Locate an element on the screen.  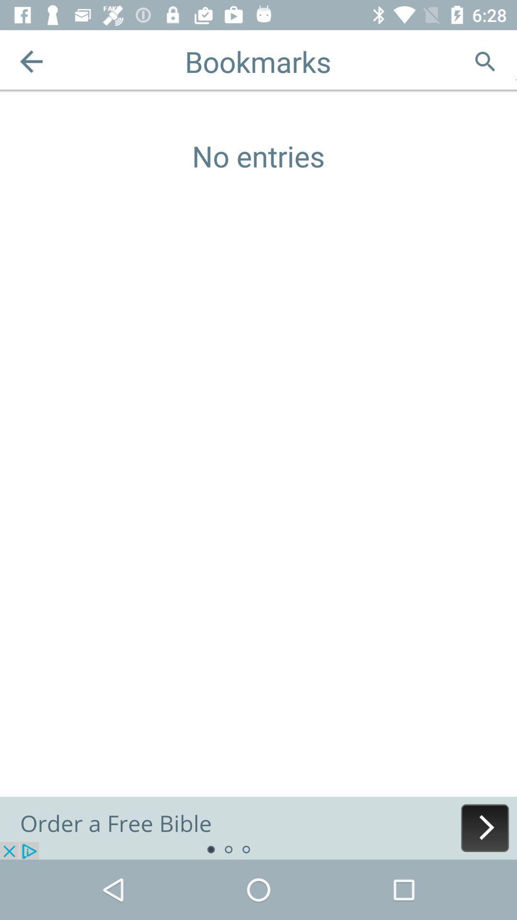
the arrow_backward icon is located at coordinates (31, 61).